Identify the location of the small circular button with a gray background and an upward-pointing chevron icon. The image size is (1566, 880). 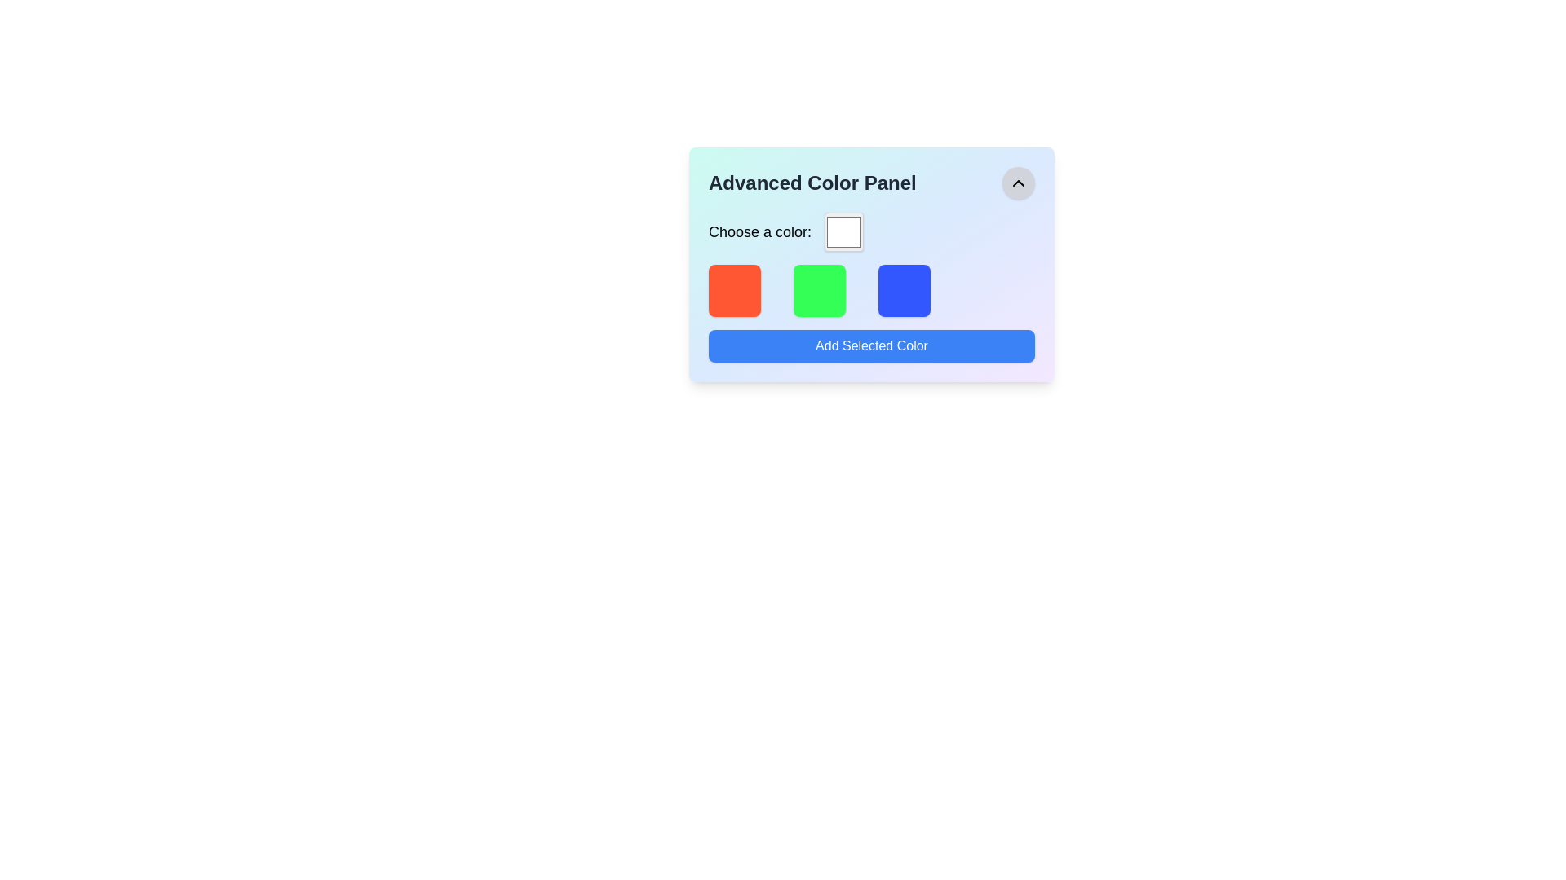
(1017, 183).